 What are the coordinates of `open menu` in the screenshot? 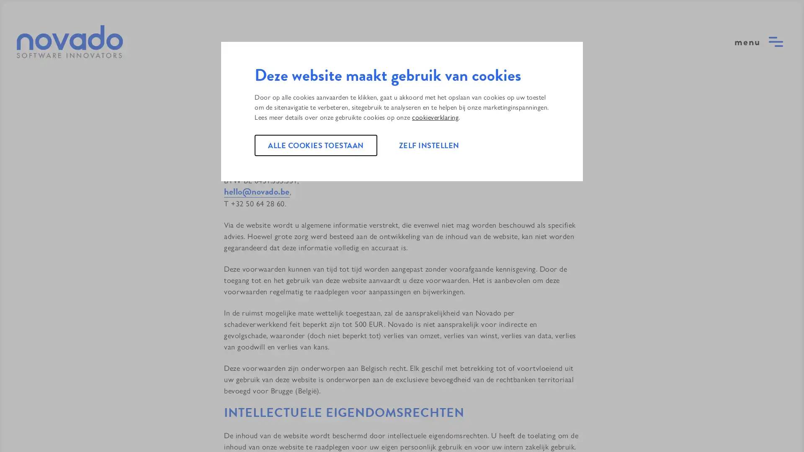 It's located at (758, 42).